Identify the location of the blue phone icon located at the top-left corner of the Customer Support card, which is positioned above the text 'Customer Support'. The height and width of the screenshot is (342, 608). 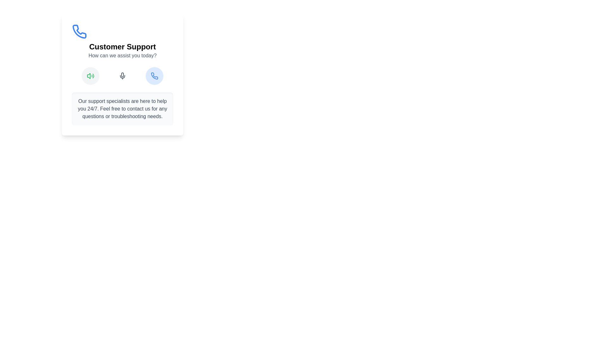
(79, 32).